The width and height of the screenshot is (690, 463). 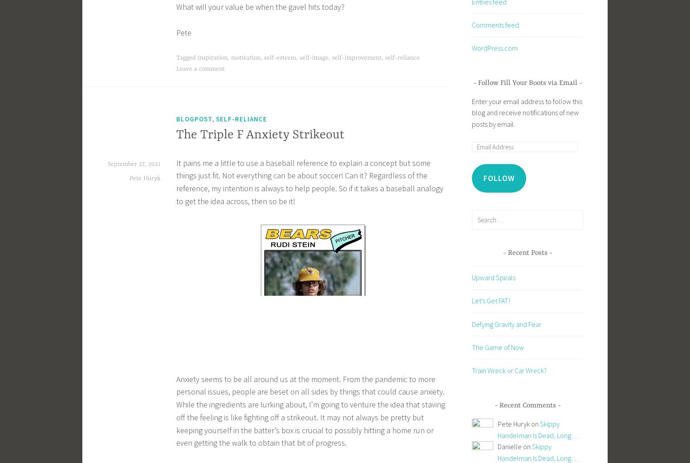 I want to click on 'Leave a comment', so click(x=200, y=69).